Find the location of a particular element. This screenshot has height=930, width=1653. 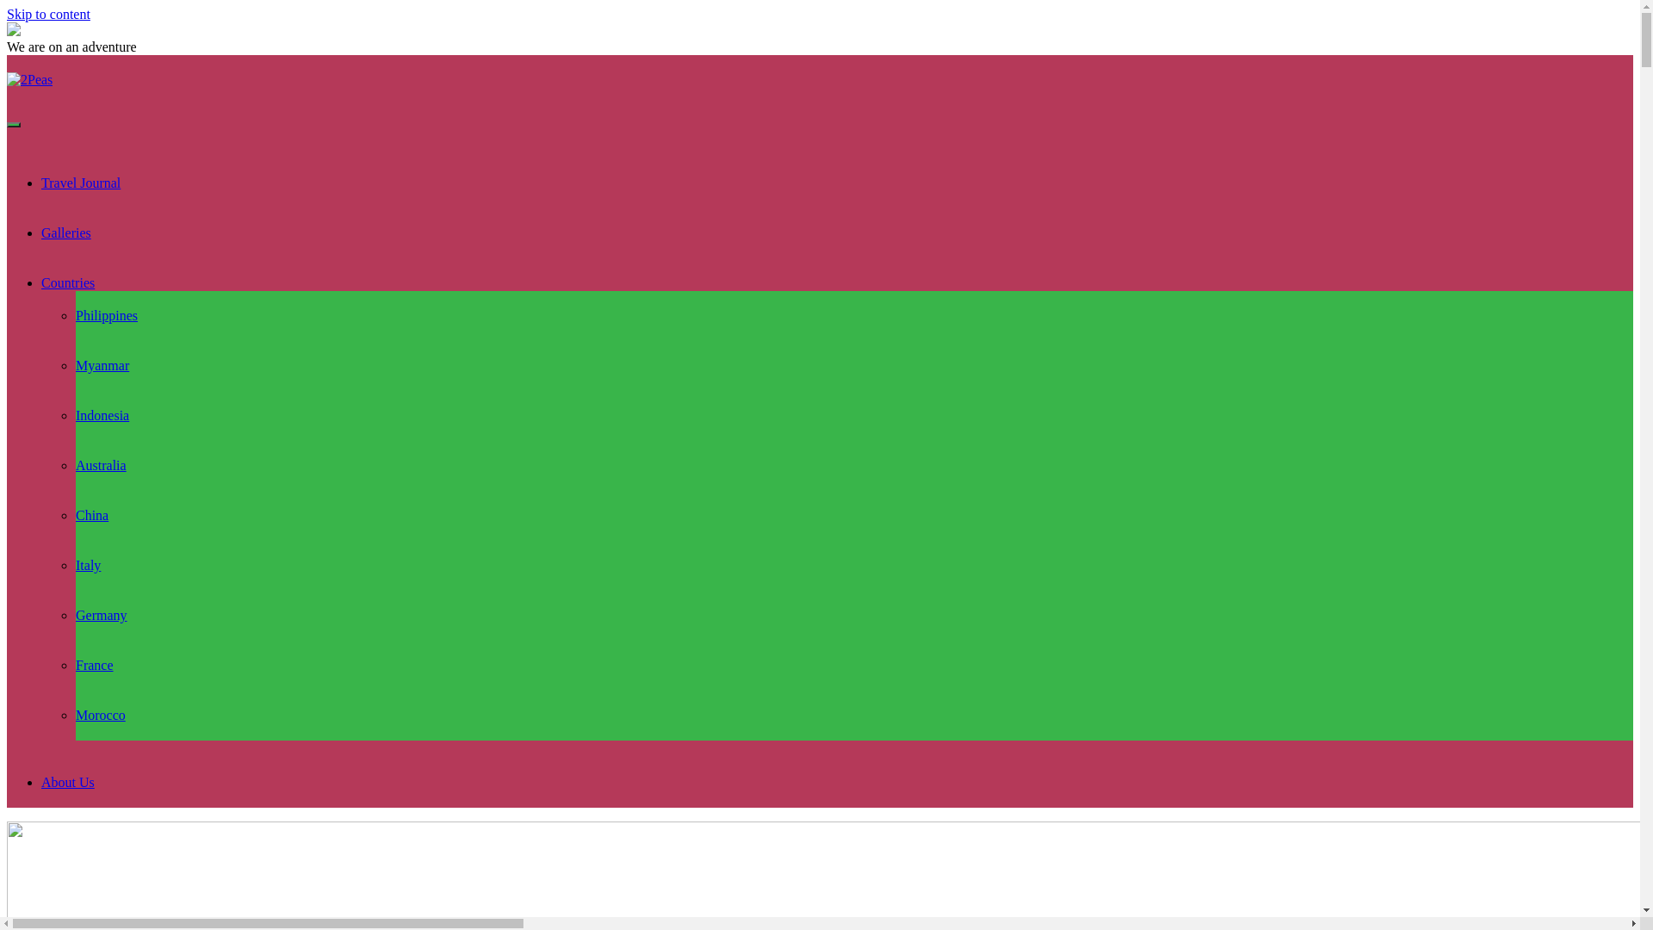

'Germany' is located at coordinates (101, 614).